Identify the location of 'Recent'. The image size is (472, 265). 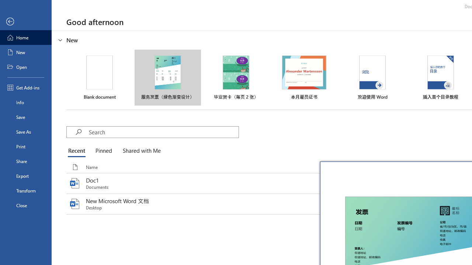
(78, 151).